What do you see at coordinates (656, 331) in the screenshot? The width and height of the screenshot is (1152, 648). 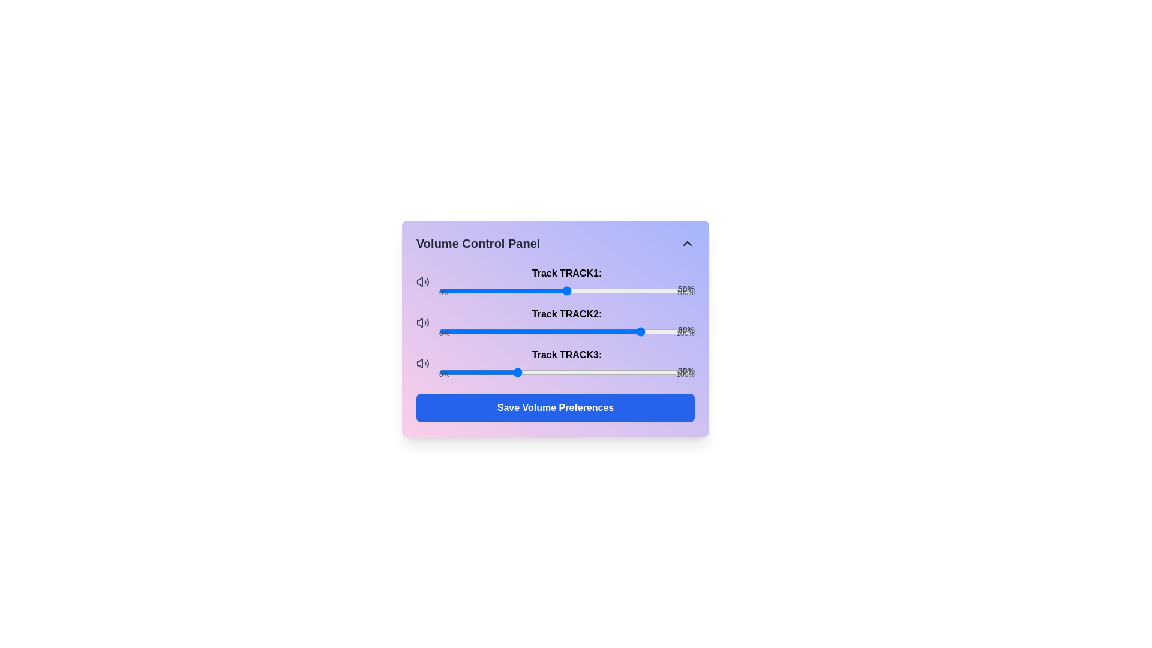 I see `the volume level of Track 2` at bounding box center [656, 331].